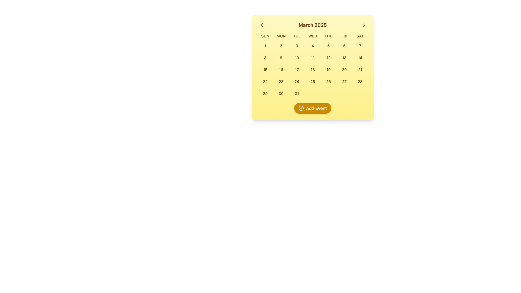  I want to click on the calendar date cell representing the 23rd day, located in the fourth row under 'SUN', so click(281, 81).